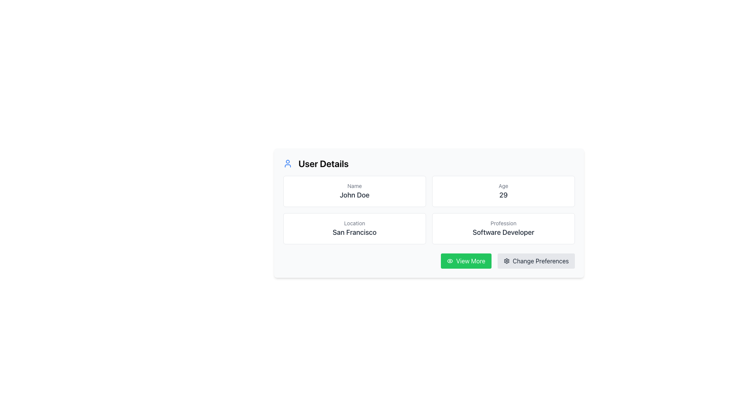 The image size is (731, 411). Describe the element at coordinates (354, 232) in the screenshot. I see `the text label displaying 'San Francisco' in the user details section, which is bold and dark gray, located below the 'Location' label` at that location.